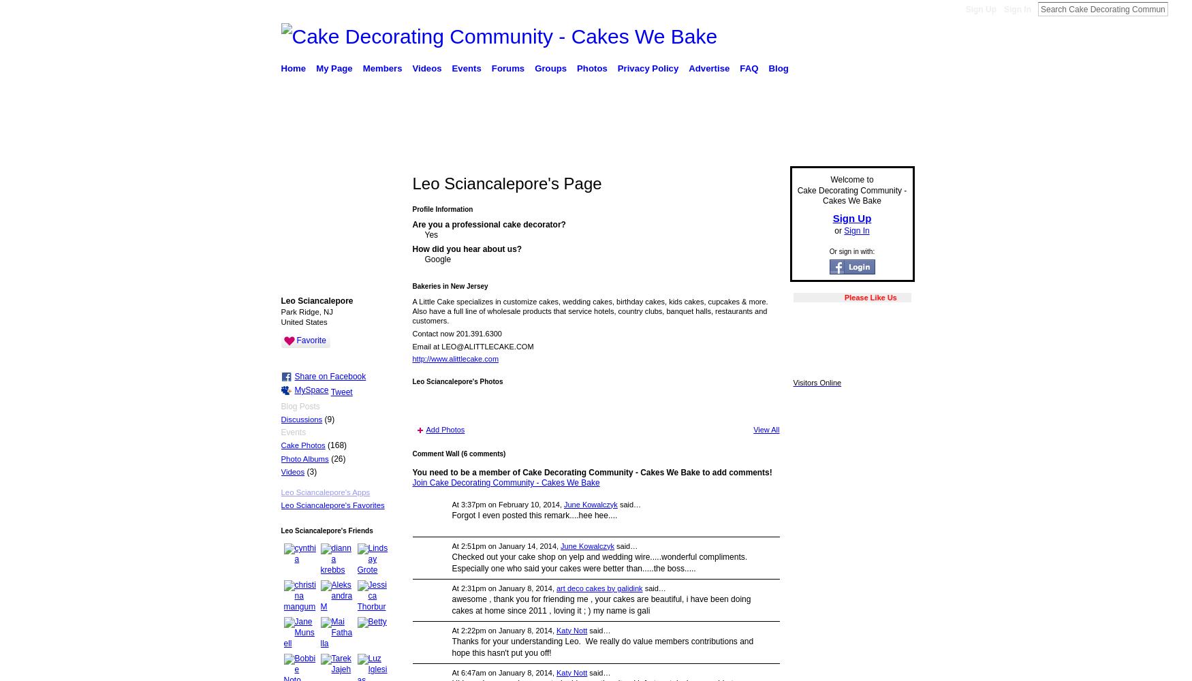  What do you see at coordinates (328, 458) in the screenshot?
I see `'(26)'` at bounding box center [328, 458].